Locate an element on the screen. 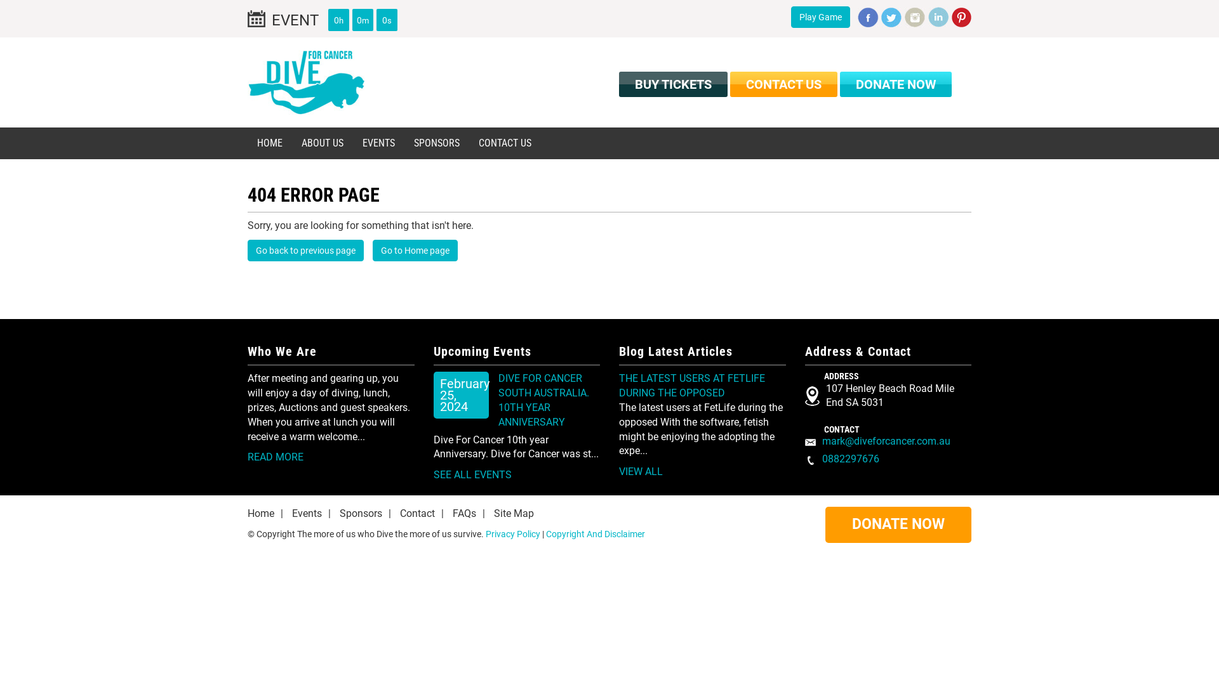 Image resolution: width=1219 pixels, height=685 pixels. 'Go back to previous page' is located at coordinates (247, 250).